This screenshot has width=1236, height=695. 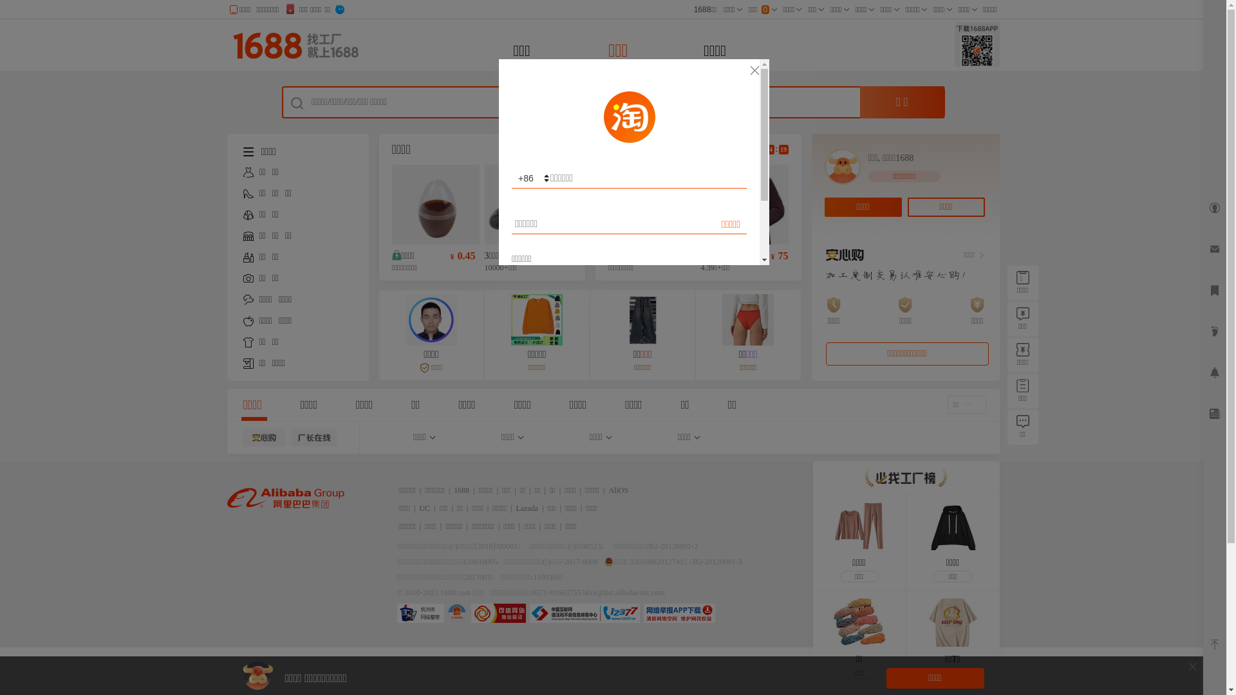 What do you see at coordinates (527, 508) in the screenshot?
I see `'Lazada'` at bounding box center [527, 508].